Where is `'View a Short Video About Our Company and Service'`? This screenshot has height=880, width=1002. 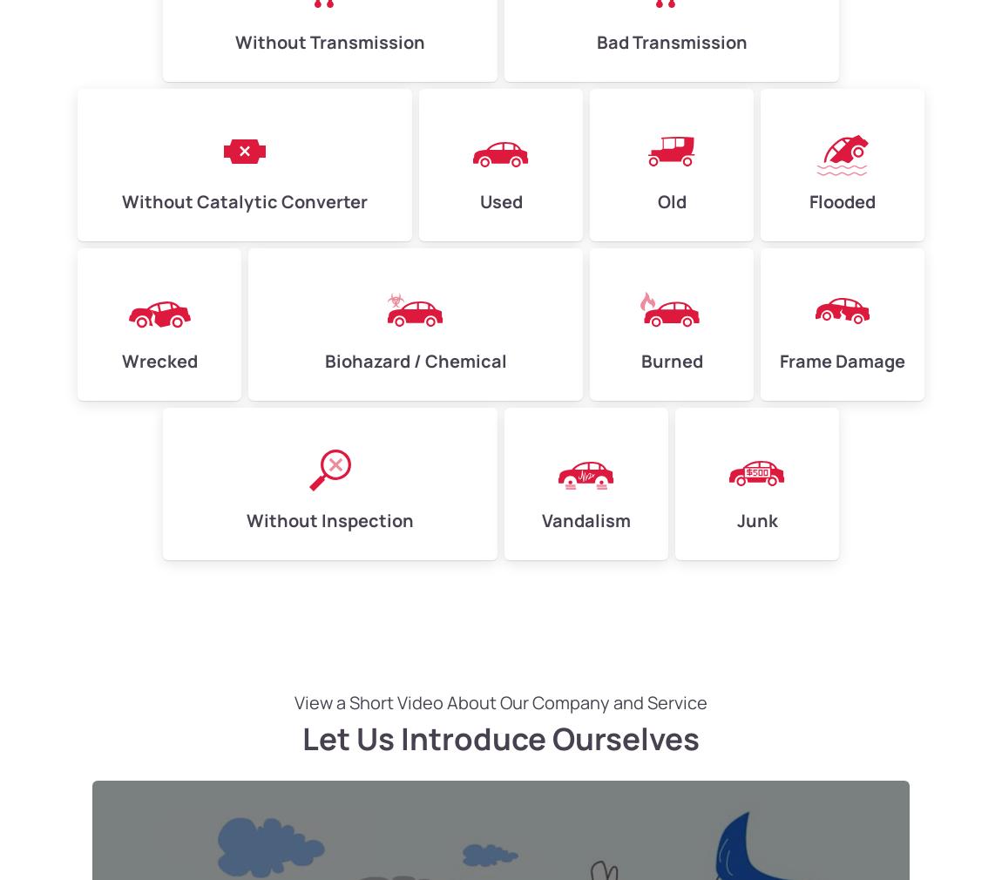 'View a Short Video About Our Company and Service' is located at coordinates (501, 702).